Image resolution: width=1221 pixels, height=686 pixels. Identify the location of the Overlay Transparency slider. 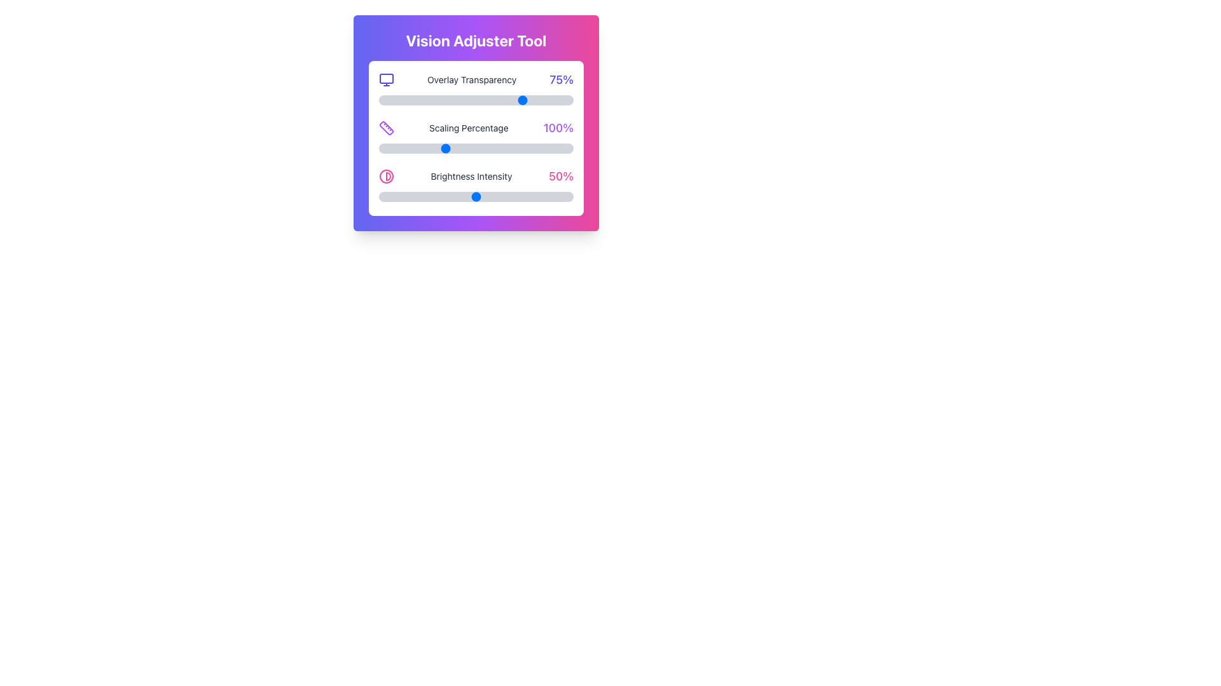
(412, 100).